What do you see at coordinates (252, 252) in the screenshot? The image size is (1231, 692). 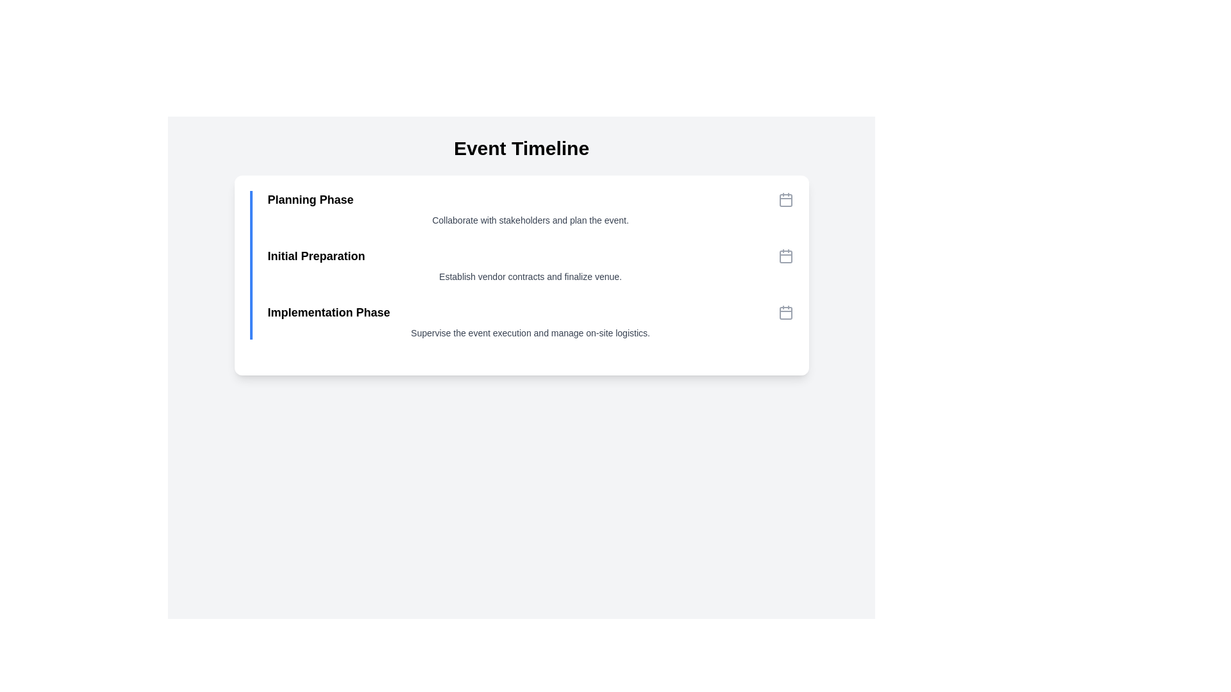 I see `the small circular dot with a yellow background located to the left of the 'Initial Preparation' title in the 'Event Timeline' section` at bounding box center [252, 252].